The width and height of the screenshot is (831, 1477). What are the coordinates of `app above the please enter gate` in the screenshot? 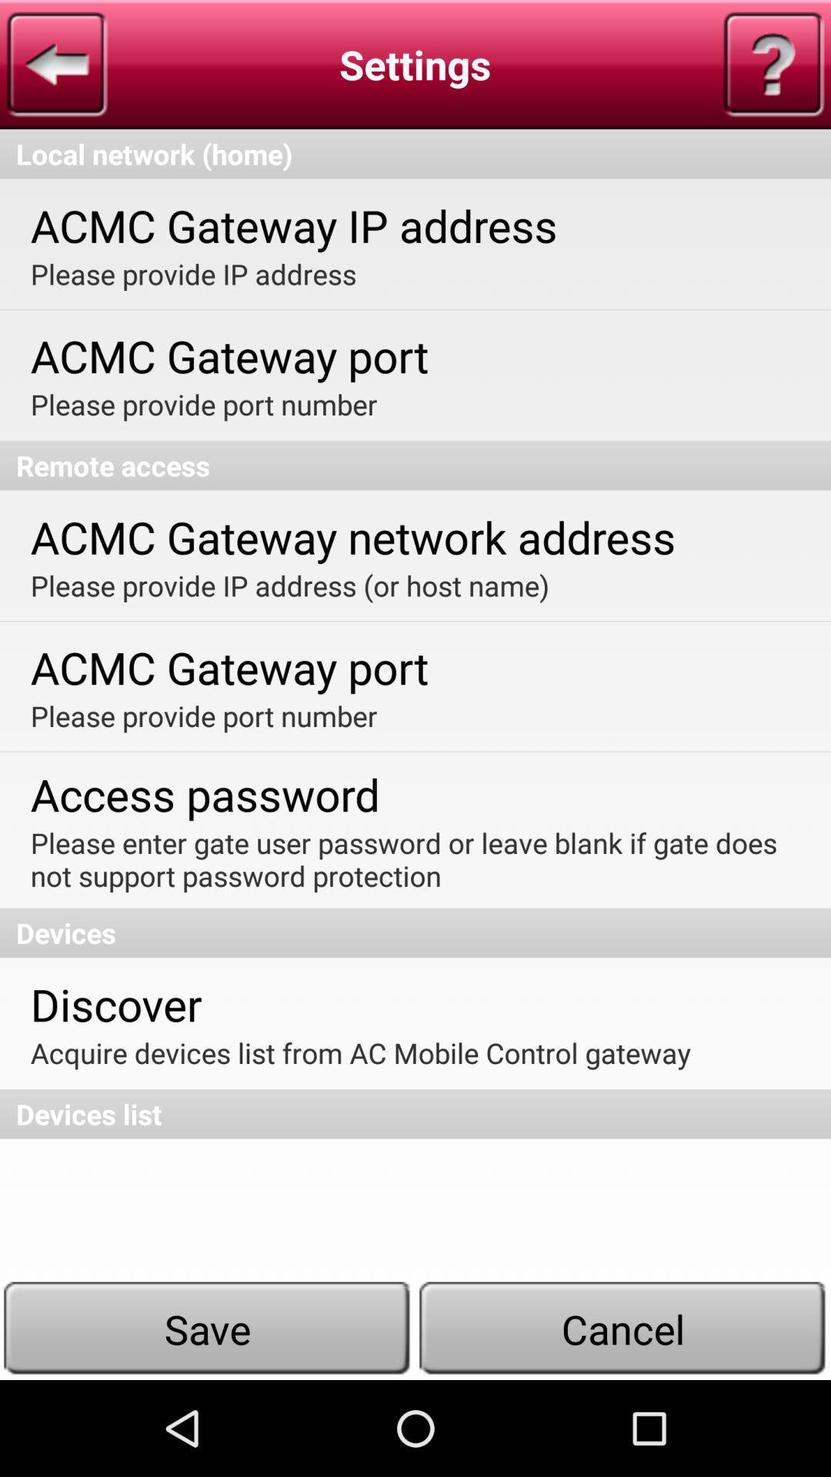 It's located at (204, 794).